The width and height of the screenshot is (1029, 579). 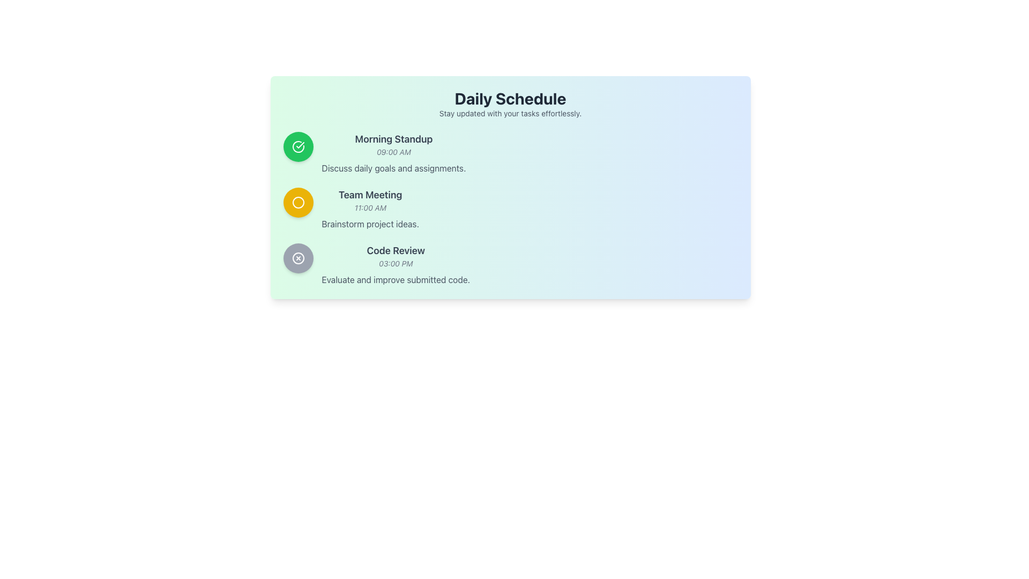 I want to click on the title text for the scheduled event, which is positioned above '09:00 AM' within the 'Daily Schedule' list structure, so click(x=393, y=138).